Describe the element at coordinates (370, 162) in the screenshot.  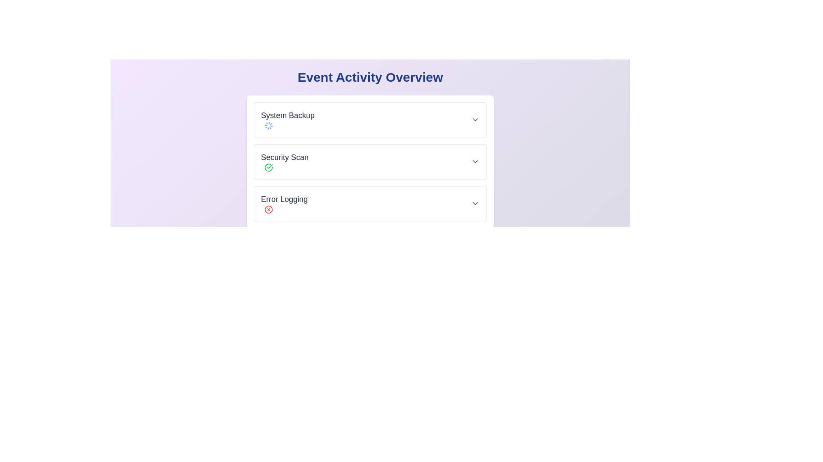
I see `the Toggleable dropdown row with status indicator for 'Security Scan'` at that location.